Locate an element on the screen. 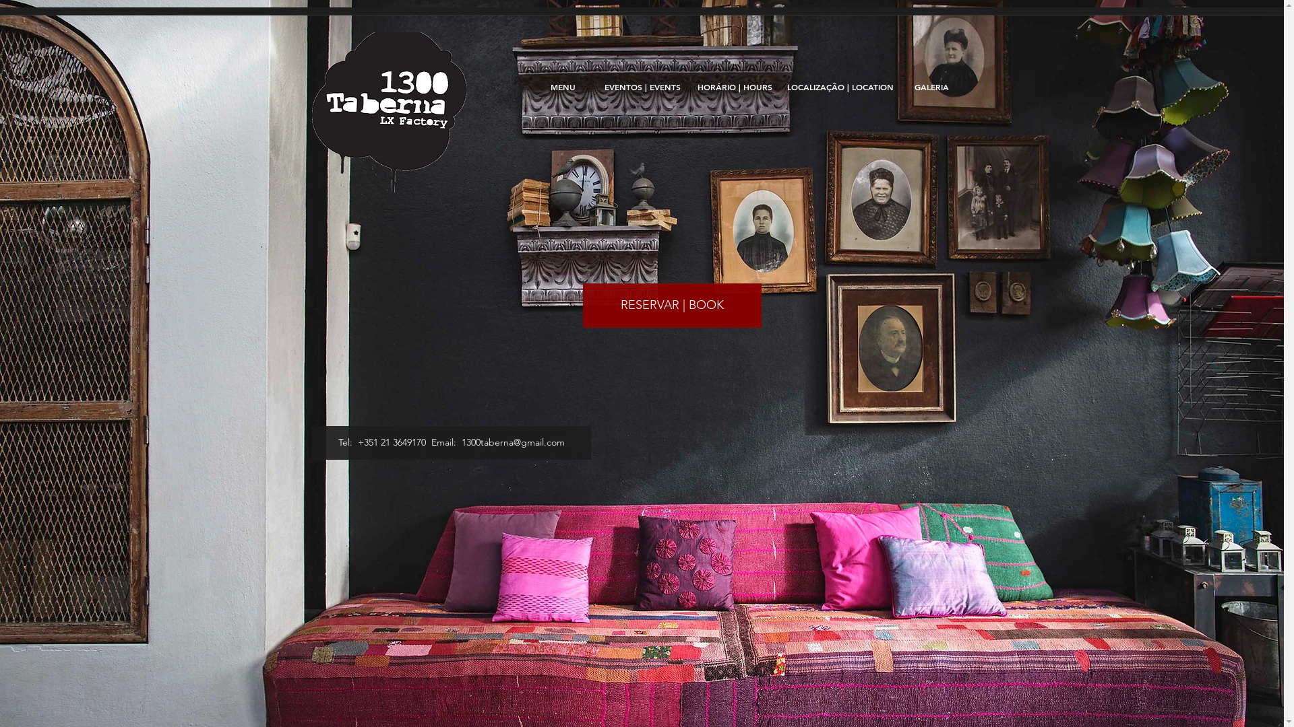 The width and height of the screenshot is (1294, 727). 'GALERIA' is located at coordinates (931, 86).